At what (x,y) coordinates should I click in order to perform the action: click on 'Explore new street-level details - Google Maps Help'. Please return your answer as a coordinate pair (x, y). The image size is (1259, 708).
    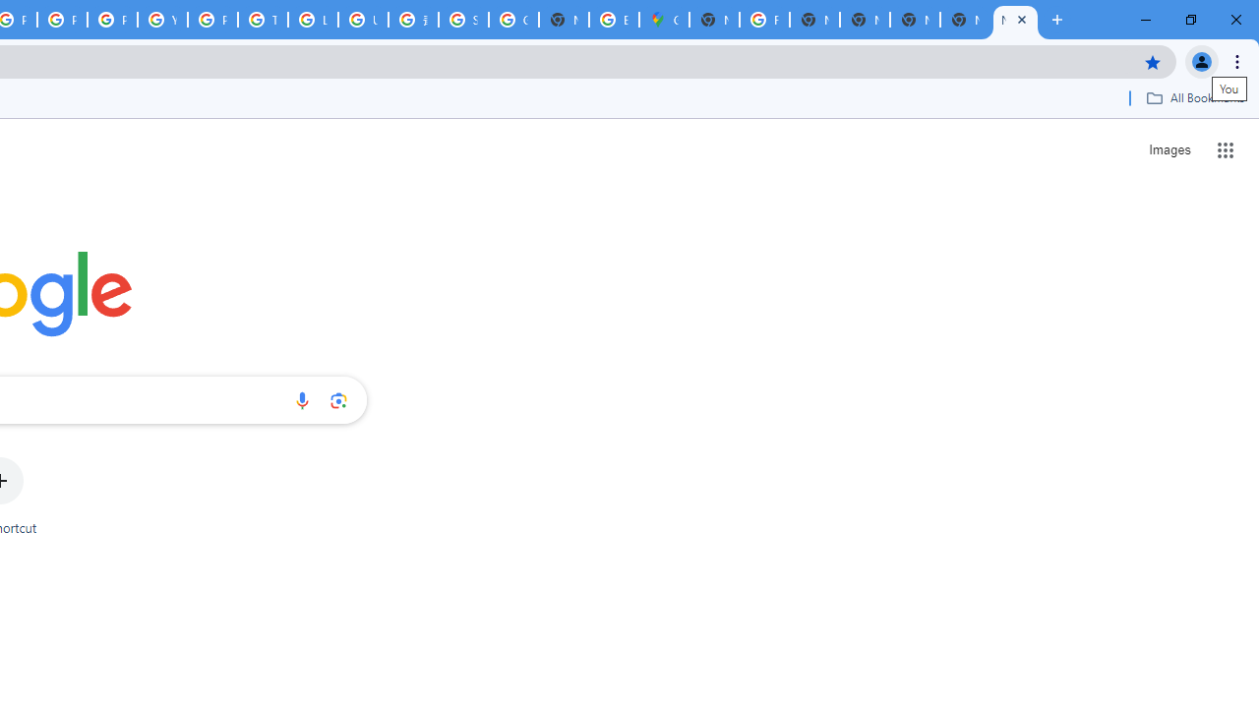
    Looking at the image, I should click on (613, 20).